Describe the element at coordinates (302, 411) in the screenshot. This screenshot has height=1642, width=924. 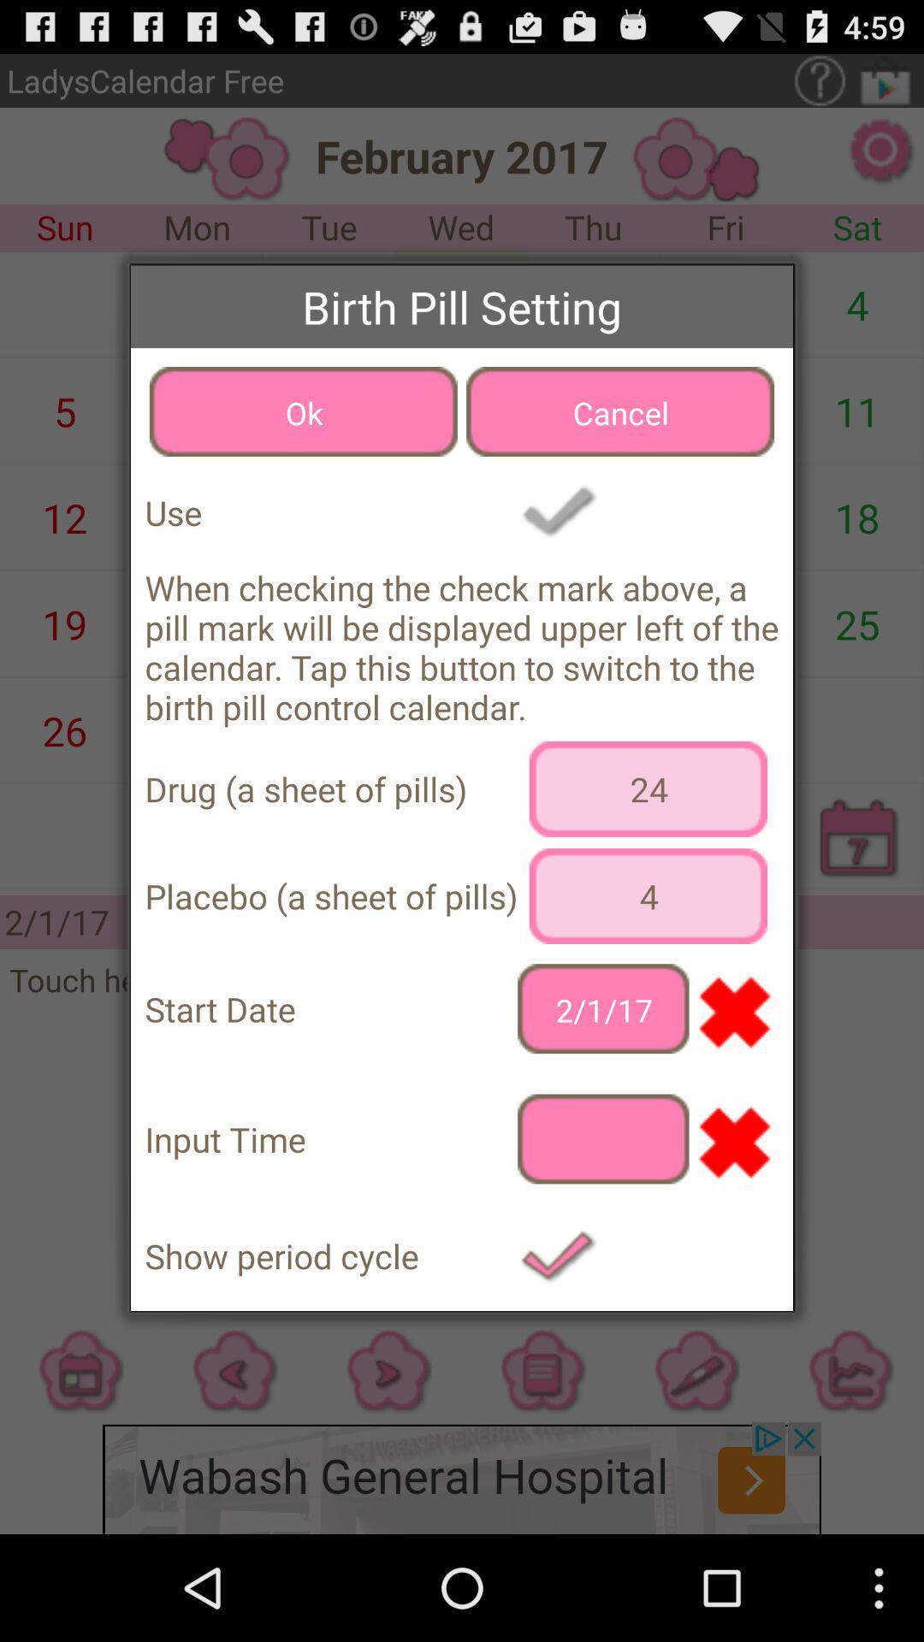
I see `the item to the left of cancel button` at that location.